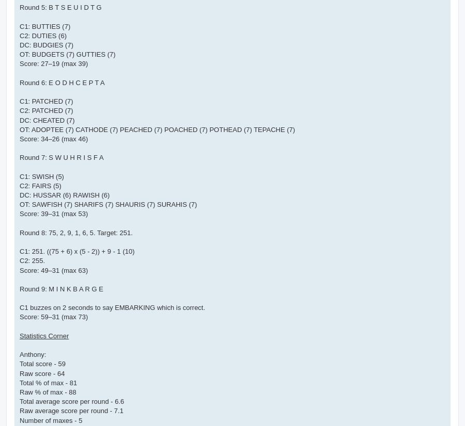 The height and width of the screenshot is (426, 465). Describe the element at coordinates (45, 101) in the screenshot. I see `'C1: PATCHED (7)'` at that location.